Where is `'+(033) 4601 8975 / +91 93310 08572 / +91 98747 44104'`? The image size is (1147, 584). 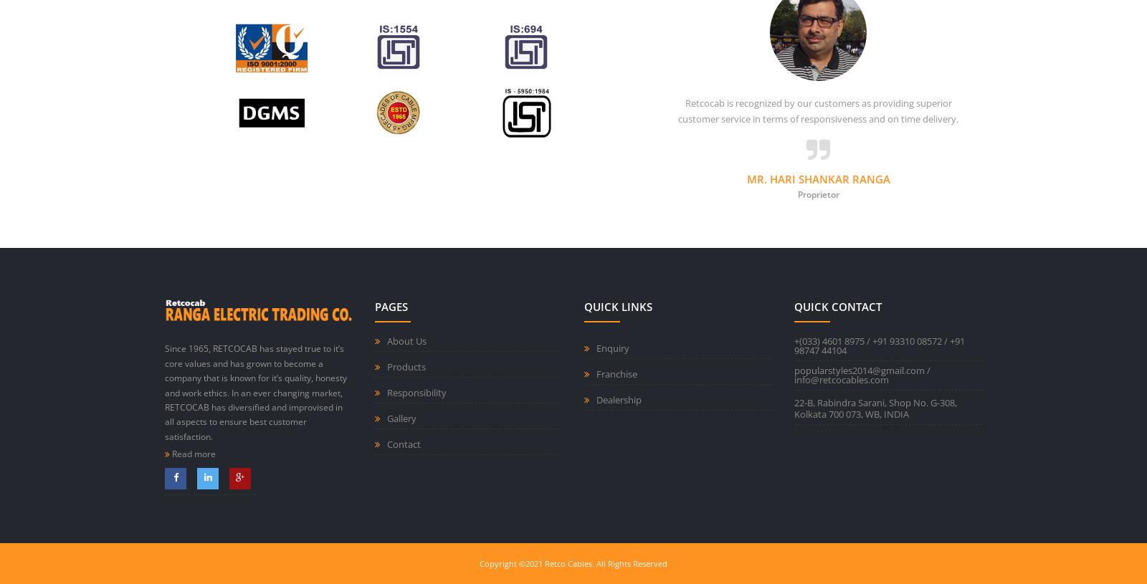
'+(033) 4601 8975 / +91 93310 08572 / +91 98747 44104' is located at coordinates (877, 345).